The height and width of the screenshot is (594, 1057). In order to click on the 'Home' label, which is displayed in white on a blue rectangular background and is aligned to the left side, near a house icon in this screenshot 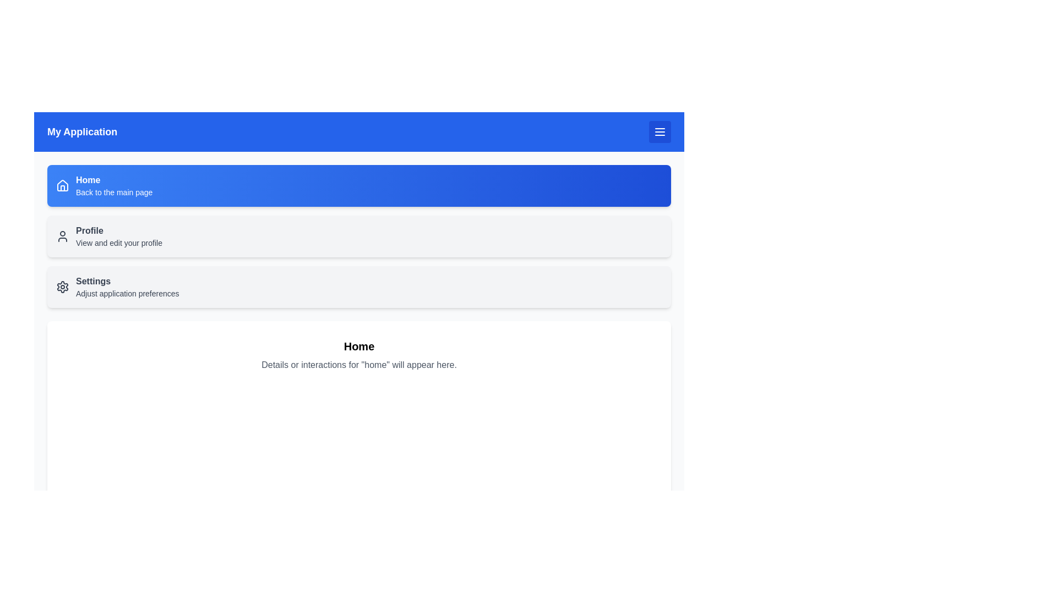, I will do `click(88, 179)`.